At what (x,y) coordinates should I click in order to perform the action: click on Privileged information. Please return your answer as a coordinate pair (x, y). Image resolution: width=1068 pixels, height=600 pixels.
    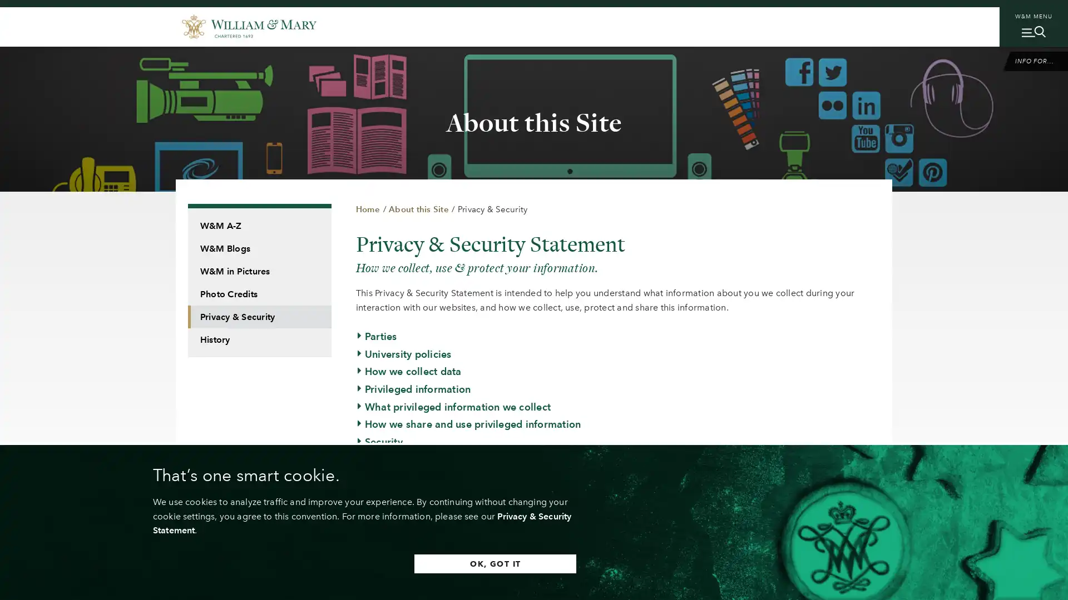
    Looking at the image, I should click on (413, 388).